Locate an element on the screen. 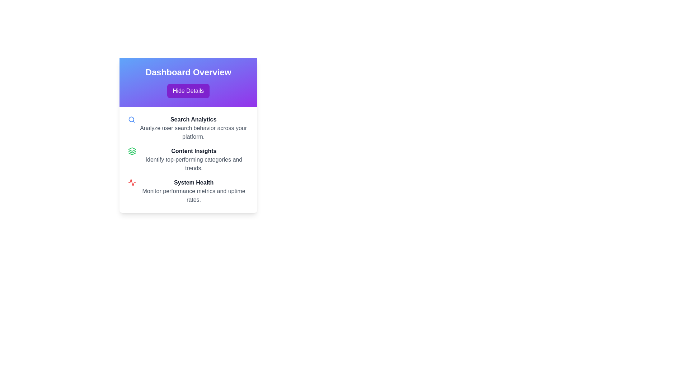 The height and width of the screenshot is (387, 689). the text label that reads 'Monitor performance metrics and uptime rates.' located underneath the bolded label 'System Health' in the 'Dashboard Overview' card is located at coordinates (194, 196).